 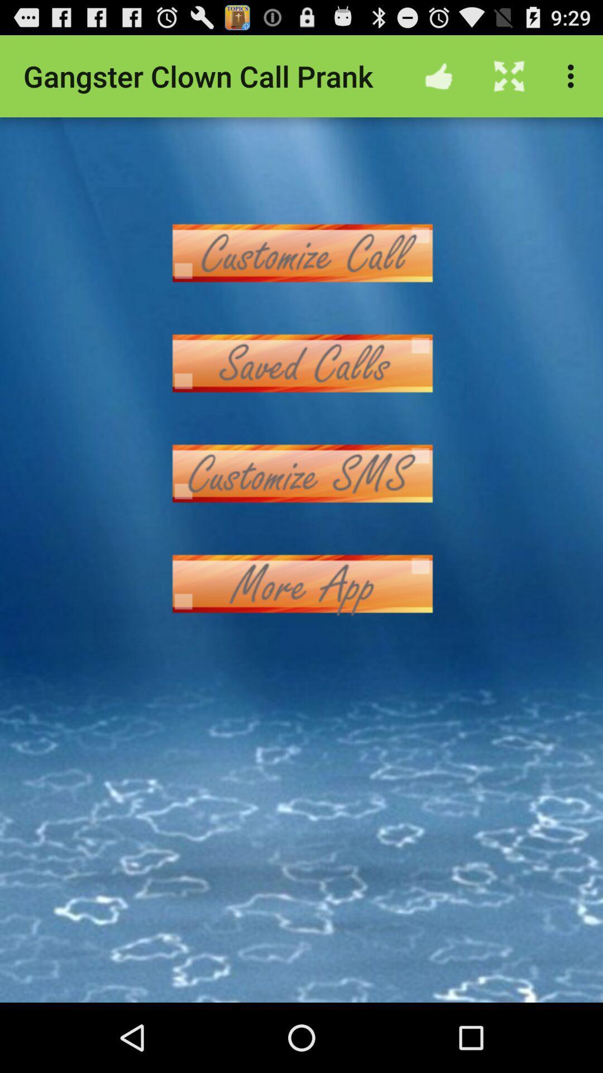 What do you see at coordinates (301, 252) in the screenshot?
I see `choose the option` at bounding box center [301, 252].